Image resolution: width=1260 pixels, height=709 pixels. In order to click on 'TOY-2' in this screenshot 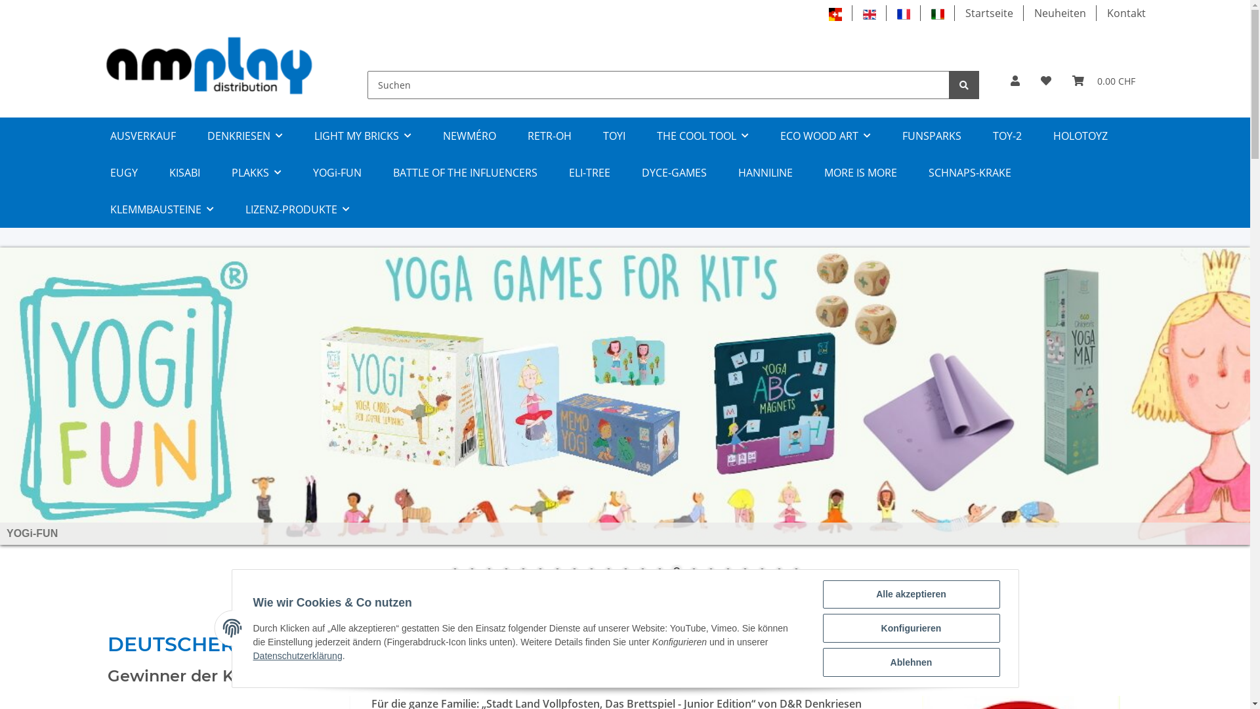, I will do `click(1006, 136)`.